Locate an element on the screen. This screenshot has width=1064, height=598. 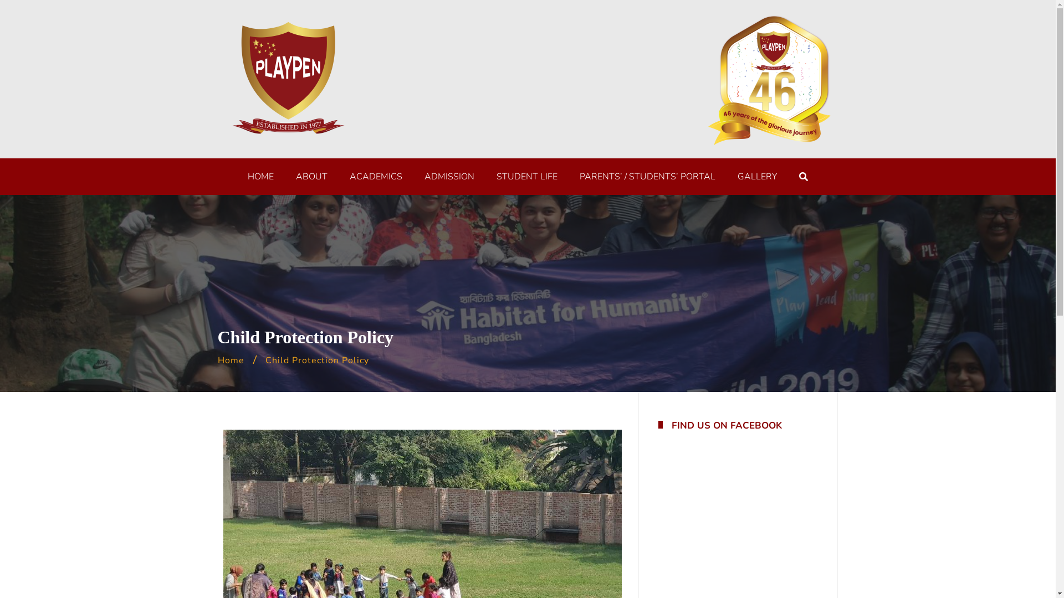
'celebration logo-01' is located at coordinates (768, 78).